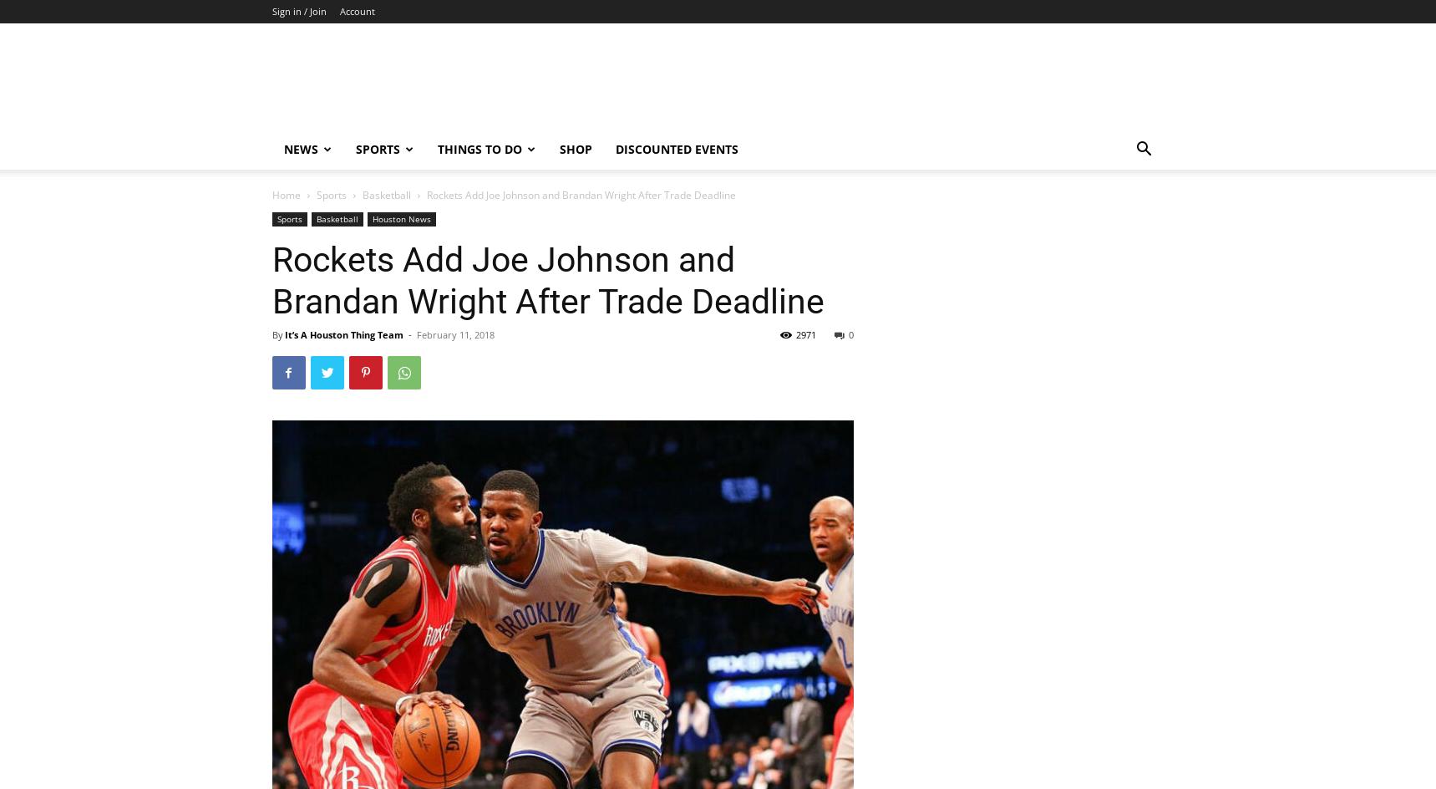 This screenshot has height=789, width=1436. I want to click on 'Search', so click(717, 84).